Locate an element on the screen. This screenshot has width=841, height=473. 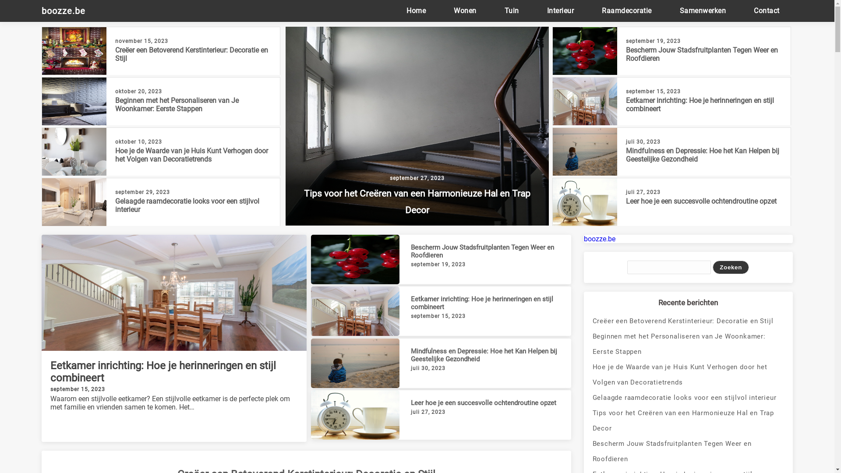
'boozze.be' is located at coordinates (67, 11).